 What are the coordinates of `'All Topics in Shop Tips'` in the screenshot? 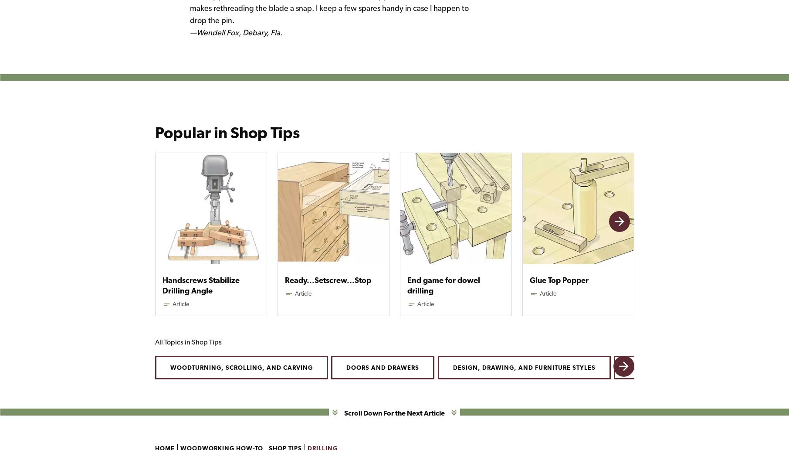 It's located at (188, 342).